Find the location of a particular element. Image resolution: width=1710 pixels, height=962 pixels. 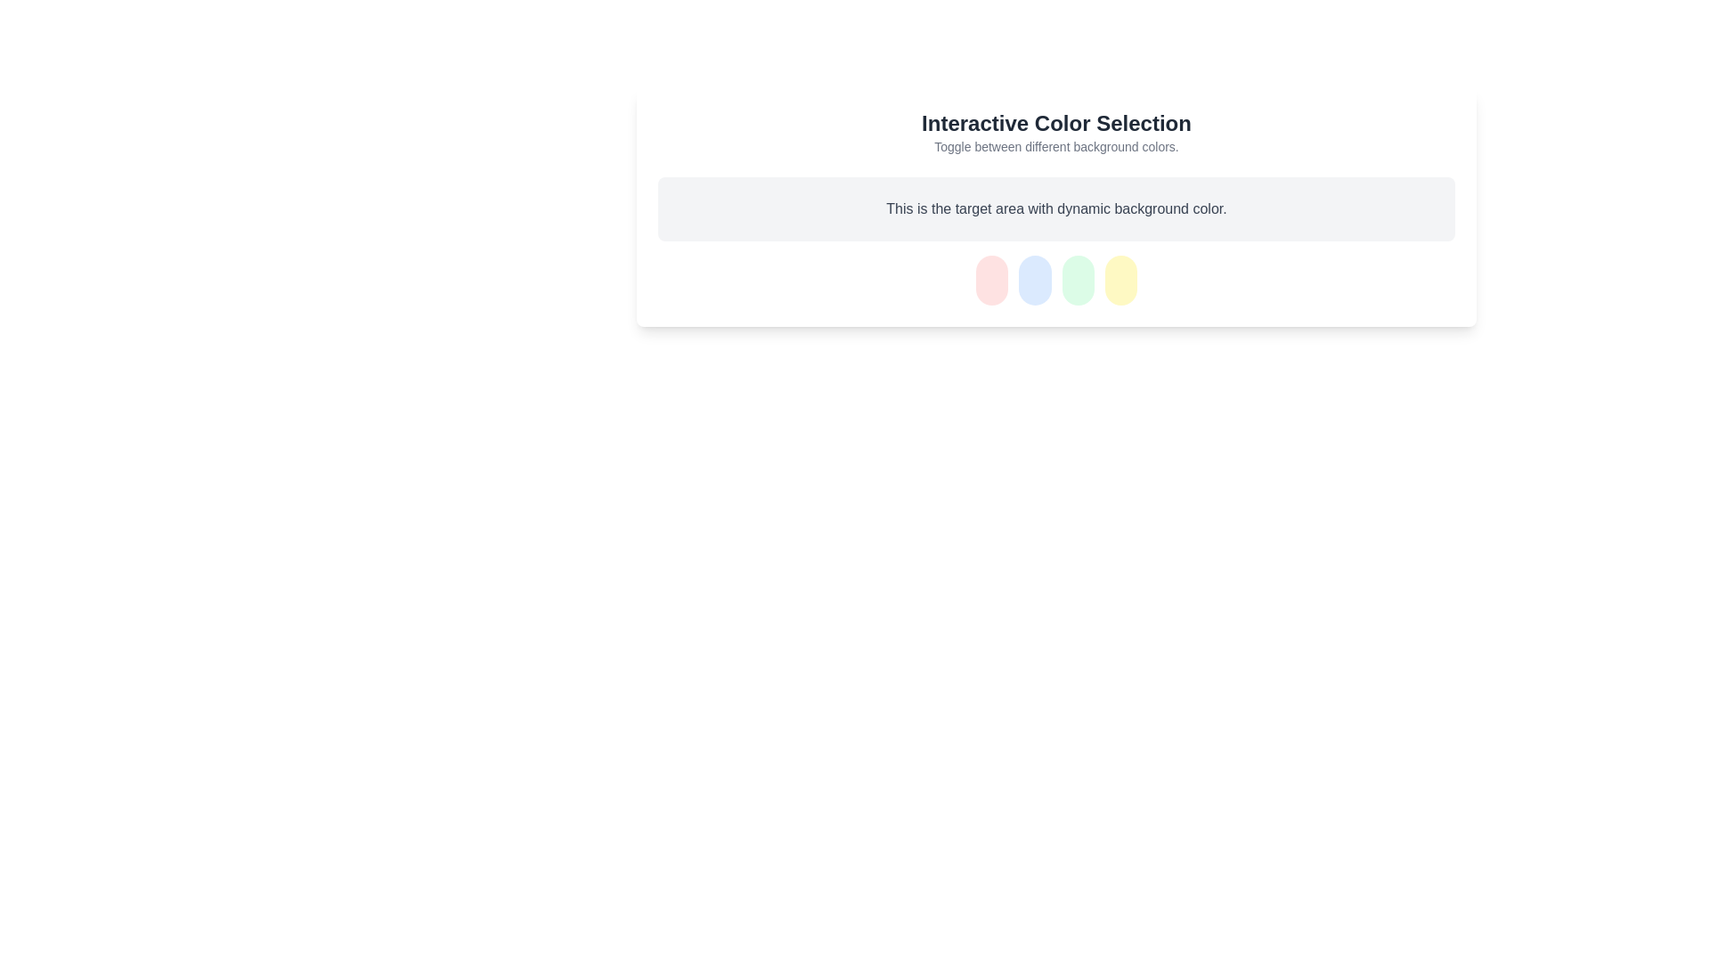

the color selector button is located at coordinates (1120, 281).